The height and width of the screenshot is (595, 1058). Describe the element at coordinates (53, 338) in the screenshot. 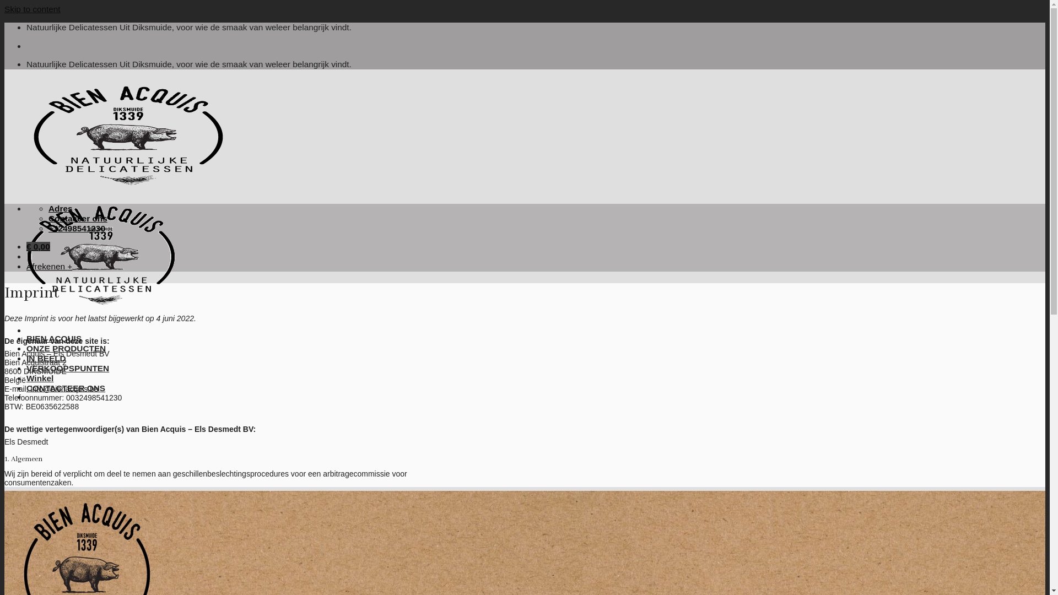

I see `'BIEN ACQUIS'` at that location.